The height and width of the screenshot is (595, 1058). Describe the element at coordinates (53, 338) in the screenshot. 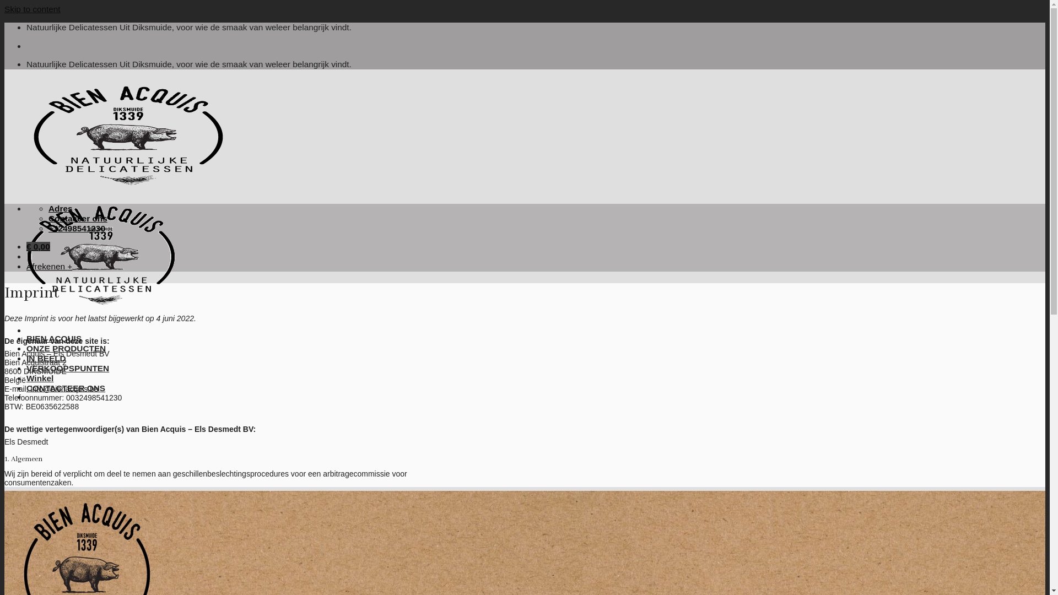

I see `'BIEN ACQUIS'` at that location.